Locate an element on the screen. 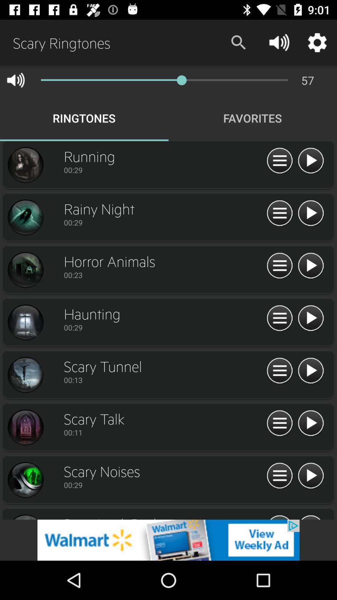 Image resolution: width=337 pixels, height=600 pixels. this audio is located at coordinates (310, 371).